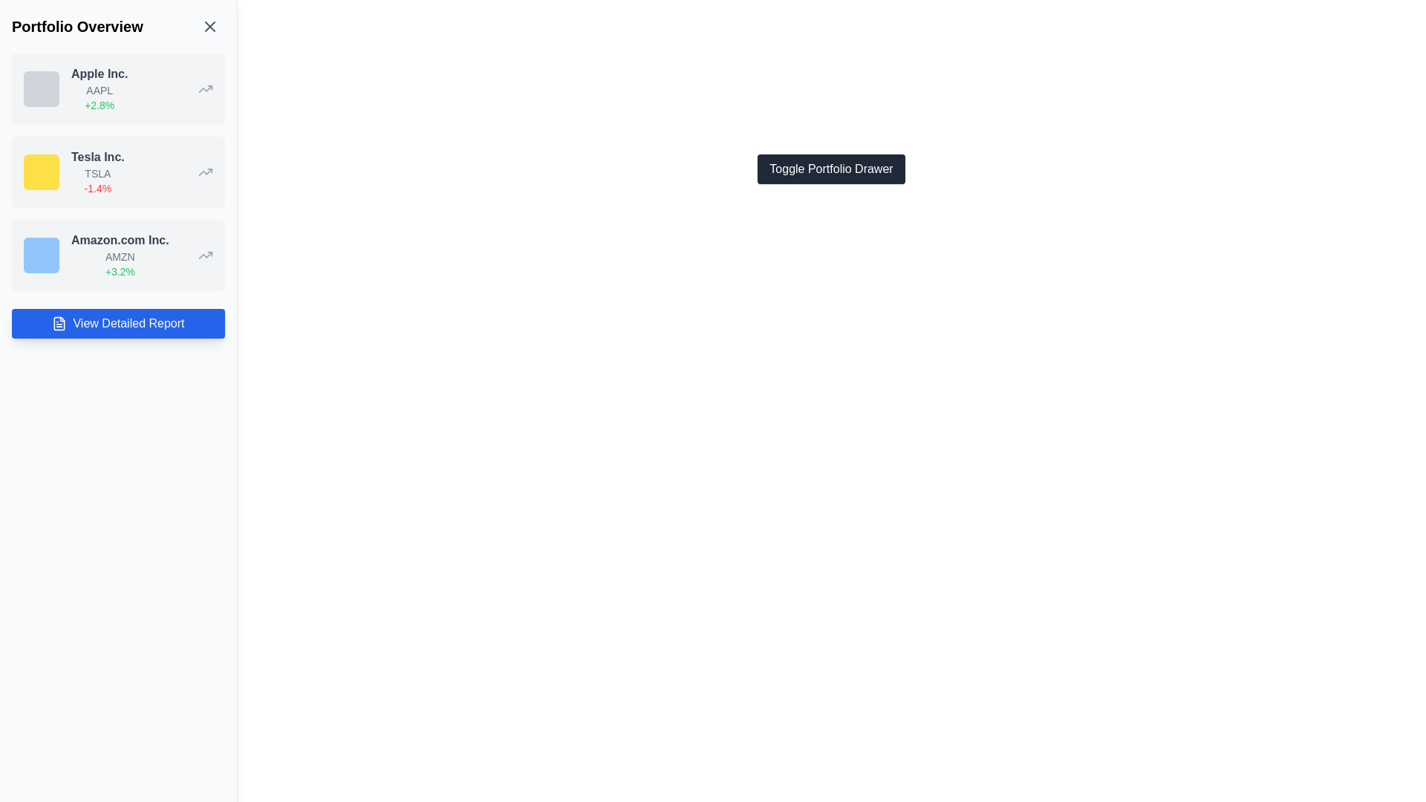 The width and height of the screenshot is (1426, 802). Describe the element at coordinates (830, 168) in the screenshot. I see `the 'Toggle Portfolio Drawer' button, which is a rectangular button with a dark gray background and white text, located in the upper-right section of the interface` at that location.